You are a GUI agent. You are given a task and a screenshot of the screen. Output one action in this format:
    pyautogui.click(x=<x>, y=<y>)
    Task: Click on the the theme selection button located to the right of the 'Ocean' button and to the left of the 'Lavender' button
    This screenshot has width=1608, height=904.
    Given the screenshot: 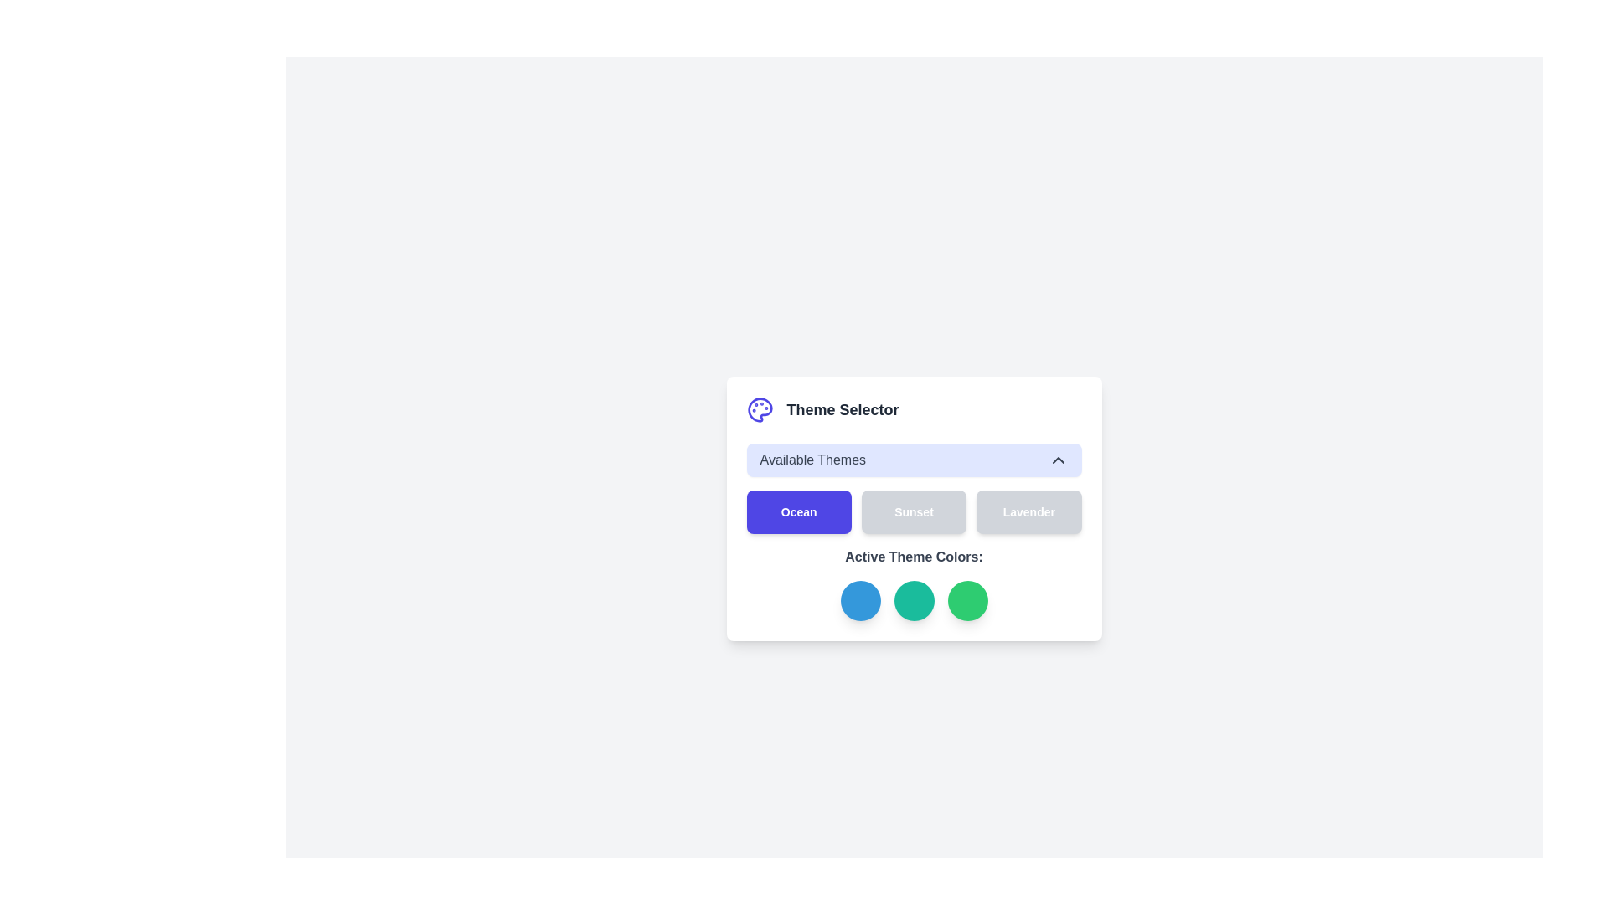 What is the action you would take?
    pyautogui.click(x=913, y=511)
    